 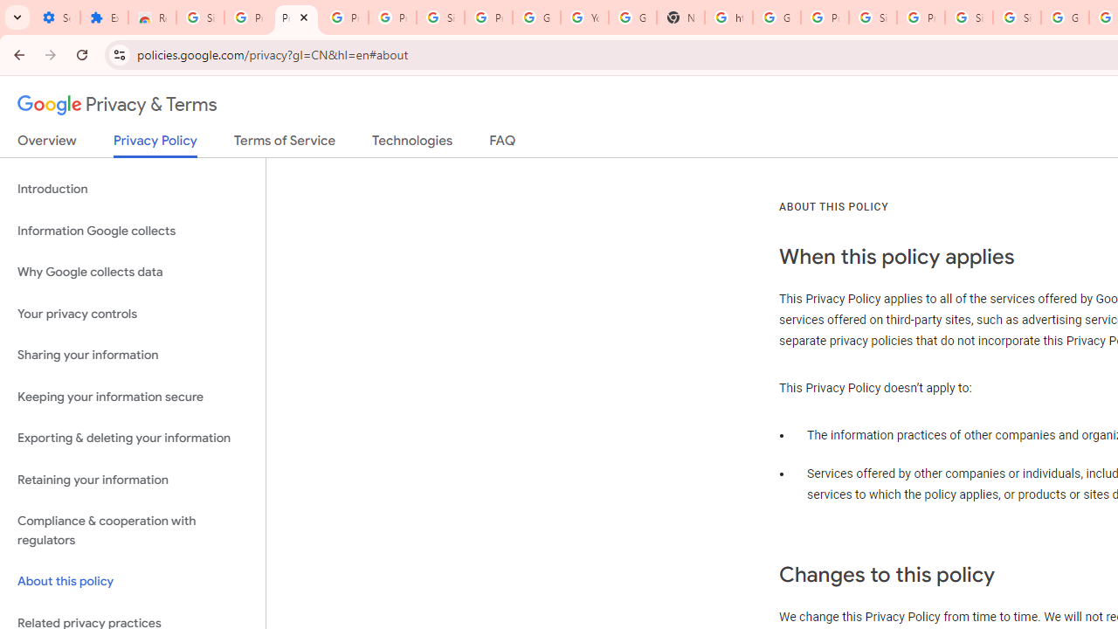 I want to click on 'Exporting & deleting your information', so click(x=132, y=438).